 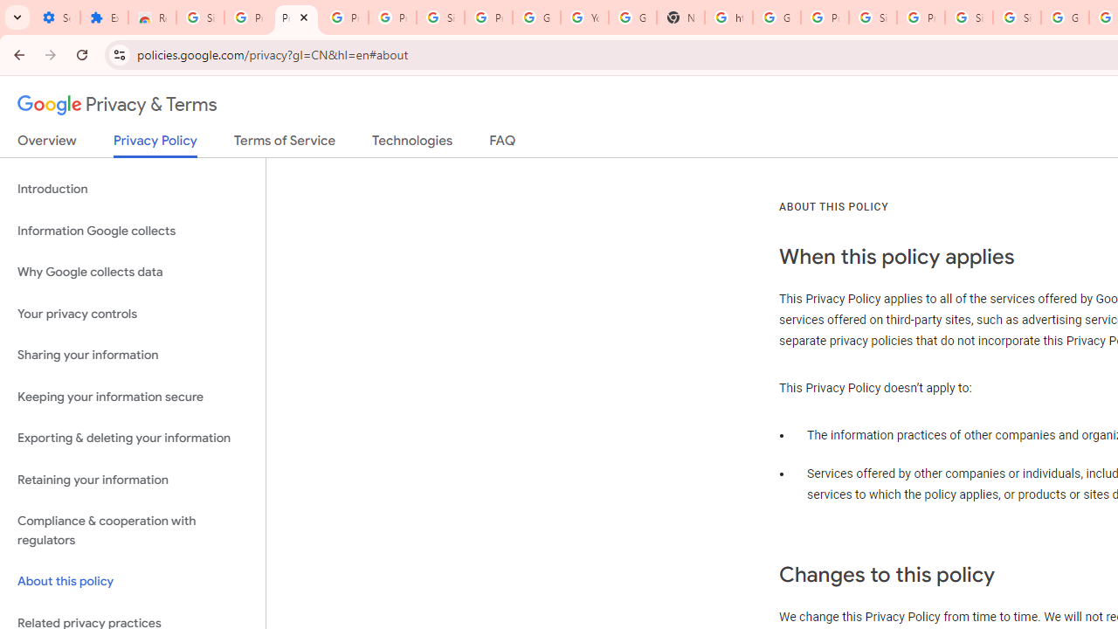 I want to click on 'Exporting & deleting your information', so click(x=132, y=438).